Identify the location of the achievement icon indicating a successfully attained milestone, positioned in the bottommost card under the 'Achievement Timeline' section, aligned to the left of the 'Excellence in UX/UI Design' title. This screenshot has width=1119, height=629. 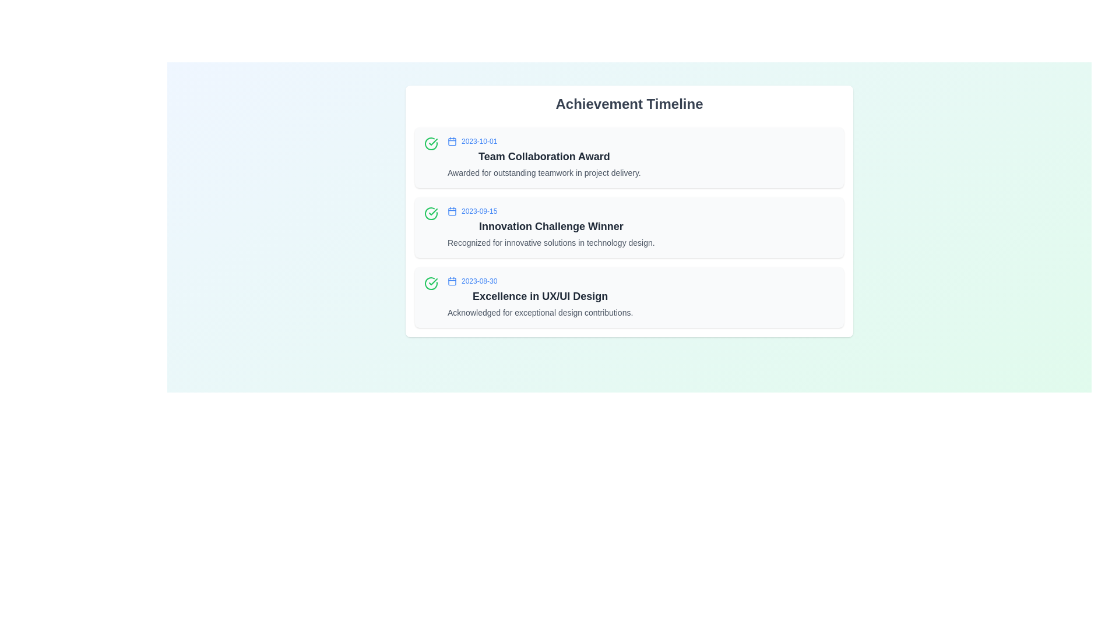
(430, 283).